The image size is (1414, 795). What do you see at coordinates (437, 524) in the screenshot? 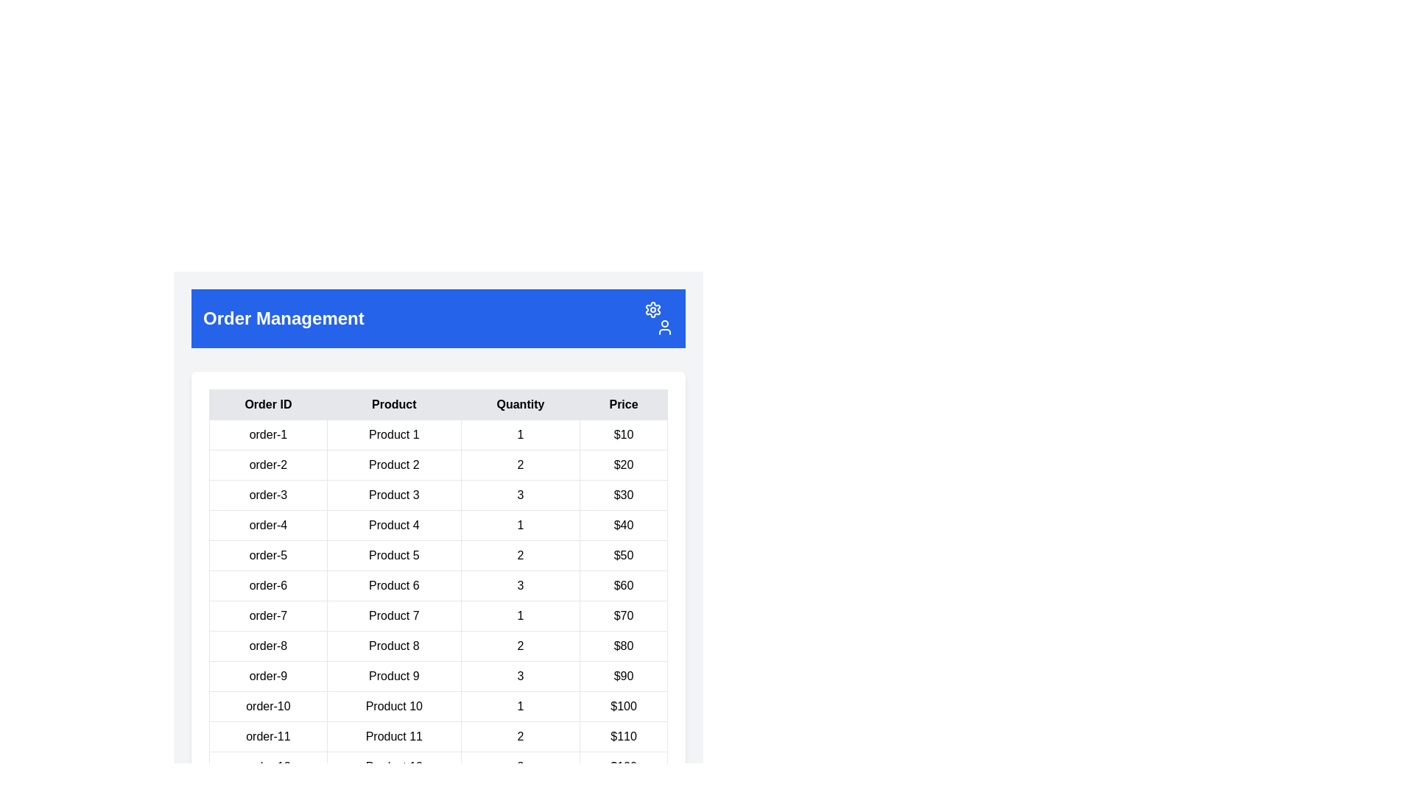
I see `the fourth row of the table that displays order details for 'Product 4' to initiate editing` at bounding box center [437, 524].